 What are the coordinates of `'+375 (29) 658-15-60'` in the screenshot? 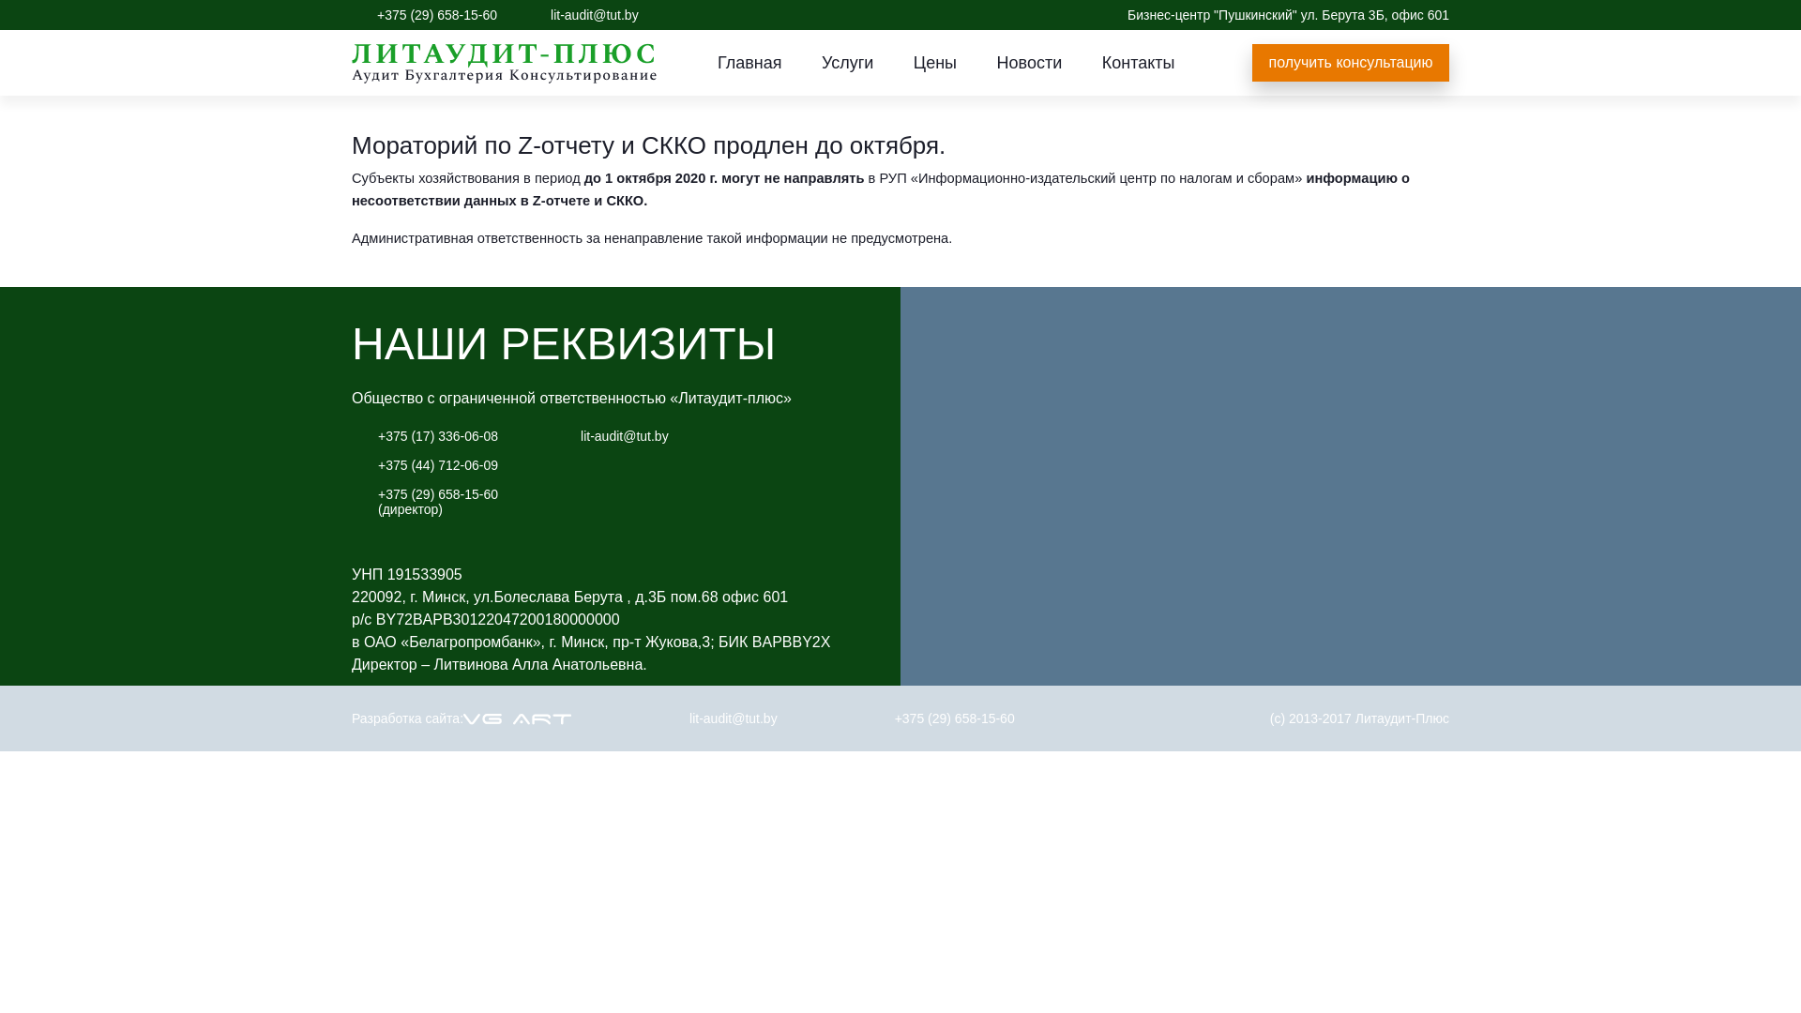 It's located at (954, 718).